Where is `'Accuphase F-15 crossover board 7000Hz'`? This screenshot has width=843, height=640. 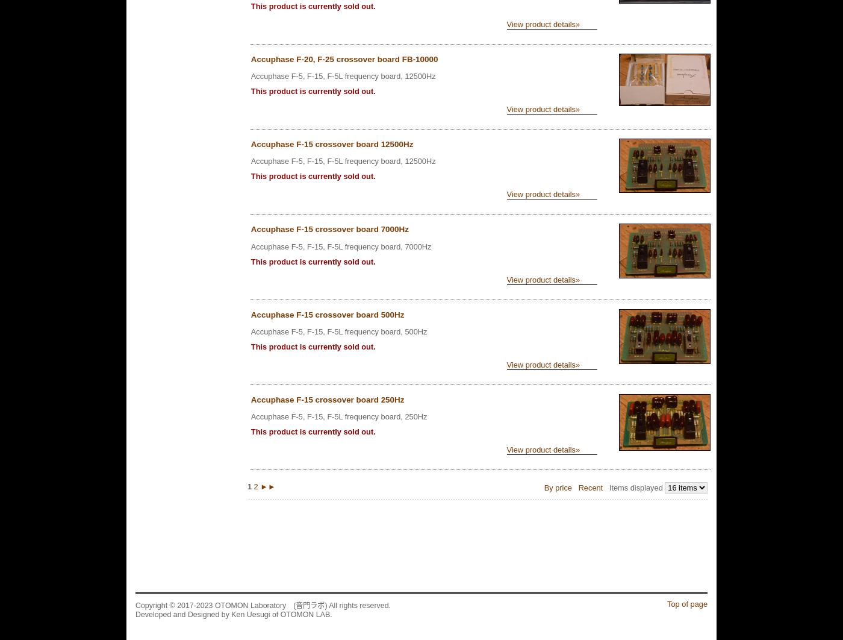
'Accuphase F-15 crossover board 7000Hz' is located at coordinates (329, 228).